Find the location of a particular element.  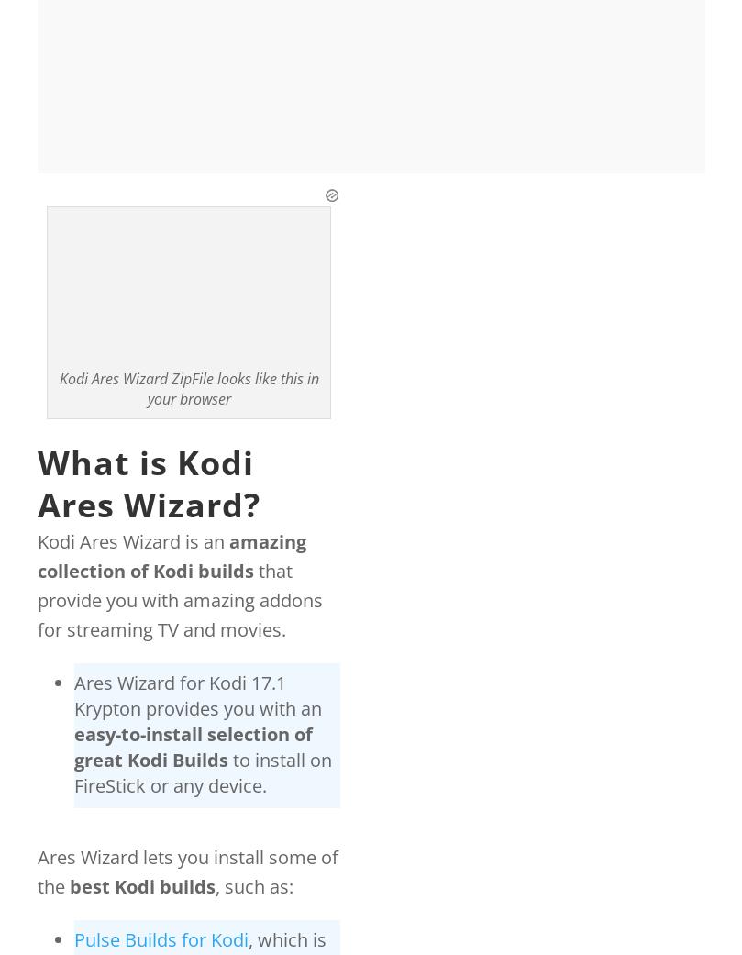

'to install on FireStick or any device.' is located at coordinates (202, 772).